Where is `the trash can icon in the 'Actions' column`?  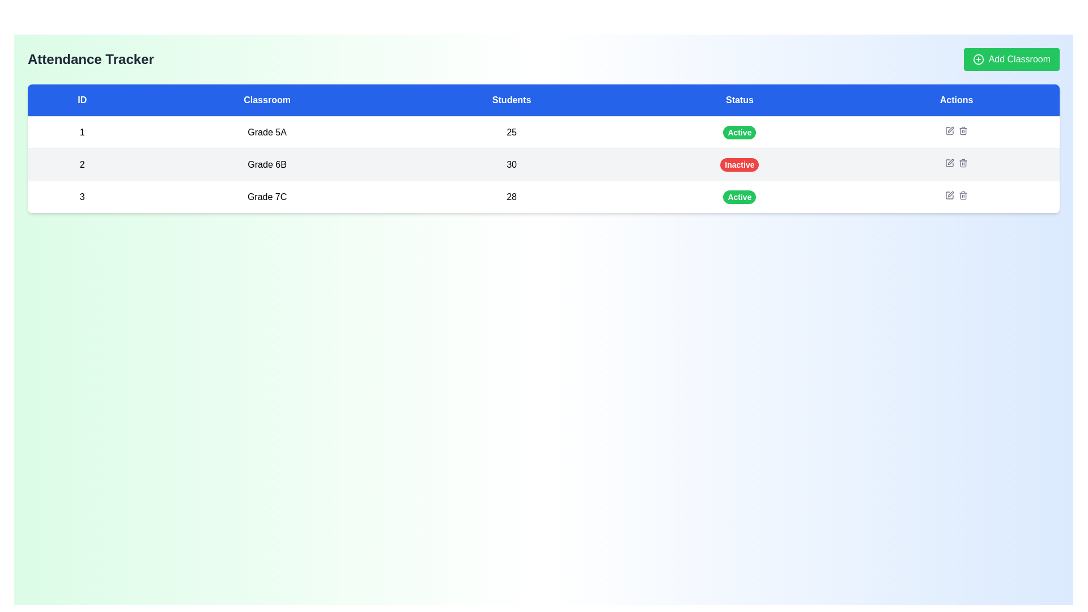
the trash can icon in the 'Actions' column is located at coordinates (962, 130).